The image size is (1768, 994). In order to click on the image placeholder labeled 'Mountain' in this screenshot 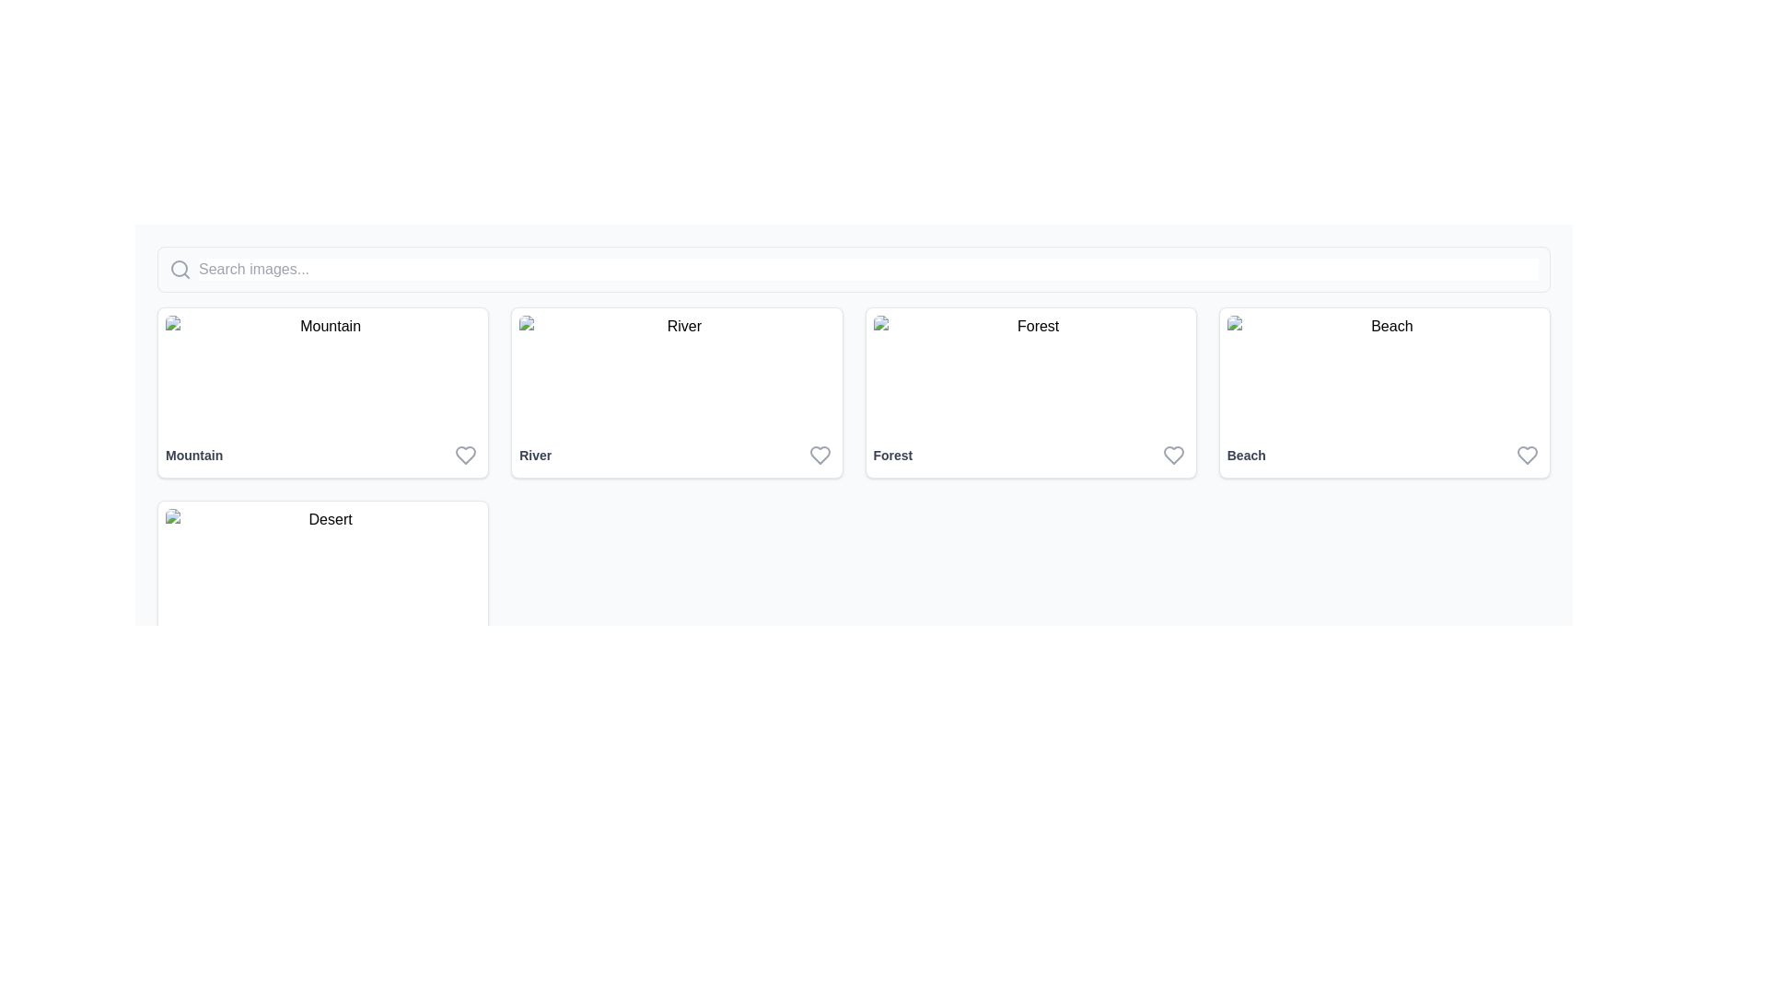, I will do `click(323, 374)`.